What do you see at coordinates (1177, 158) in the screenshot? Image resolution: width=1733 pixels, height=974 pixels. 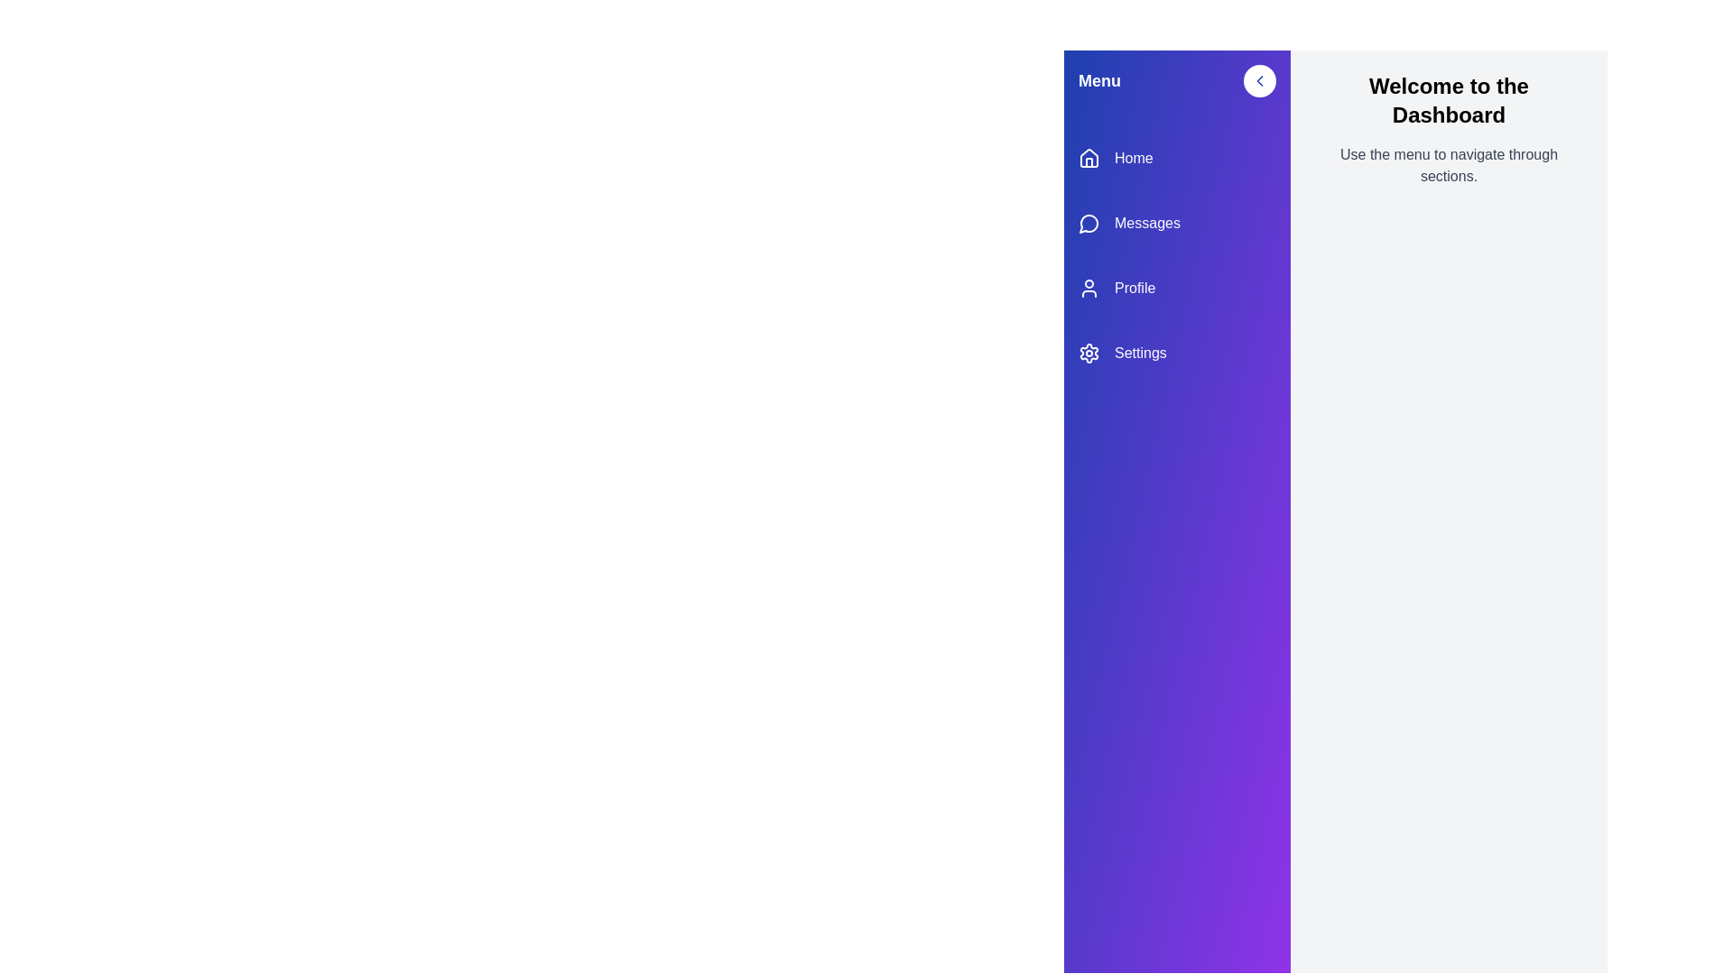 I see `the menu item Home to navigate` at bounding box center [1177, 158].